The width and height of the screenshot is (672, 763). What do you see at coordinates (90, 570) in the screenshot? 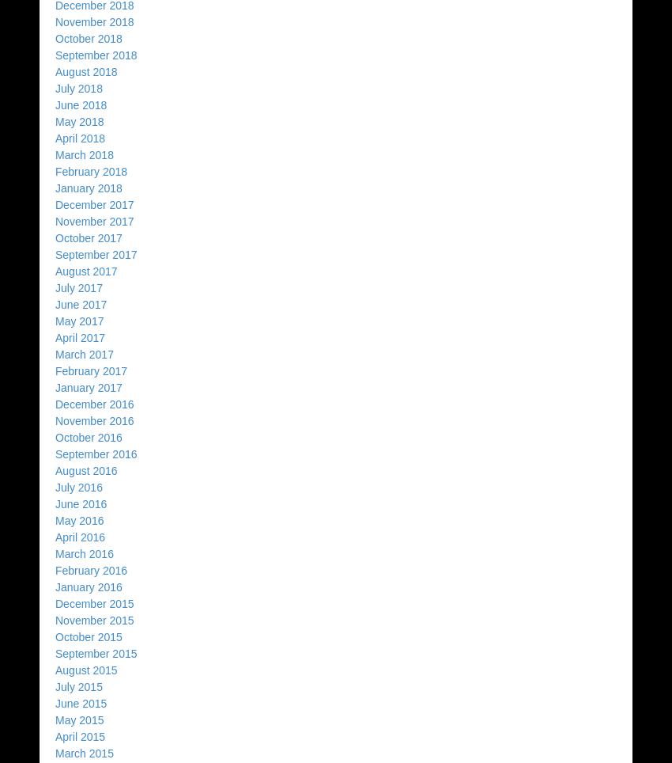
I see `'February 2016'` at bounding box center [90, 570].